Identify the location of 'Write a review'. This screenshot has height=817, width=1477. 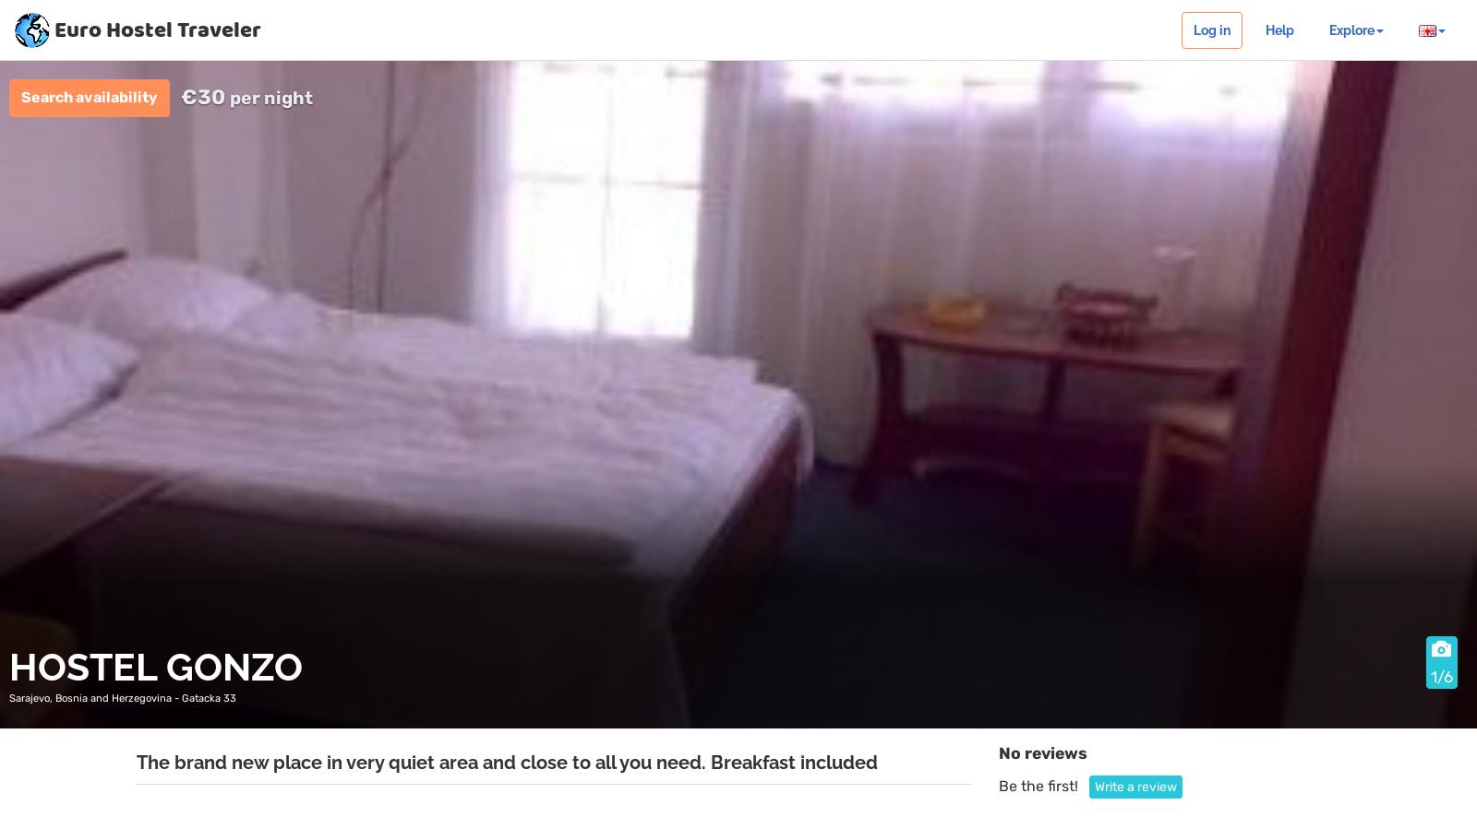
(1093, 785).